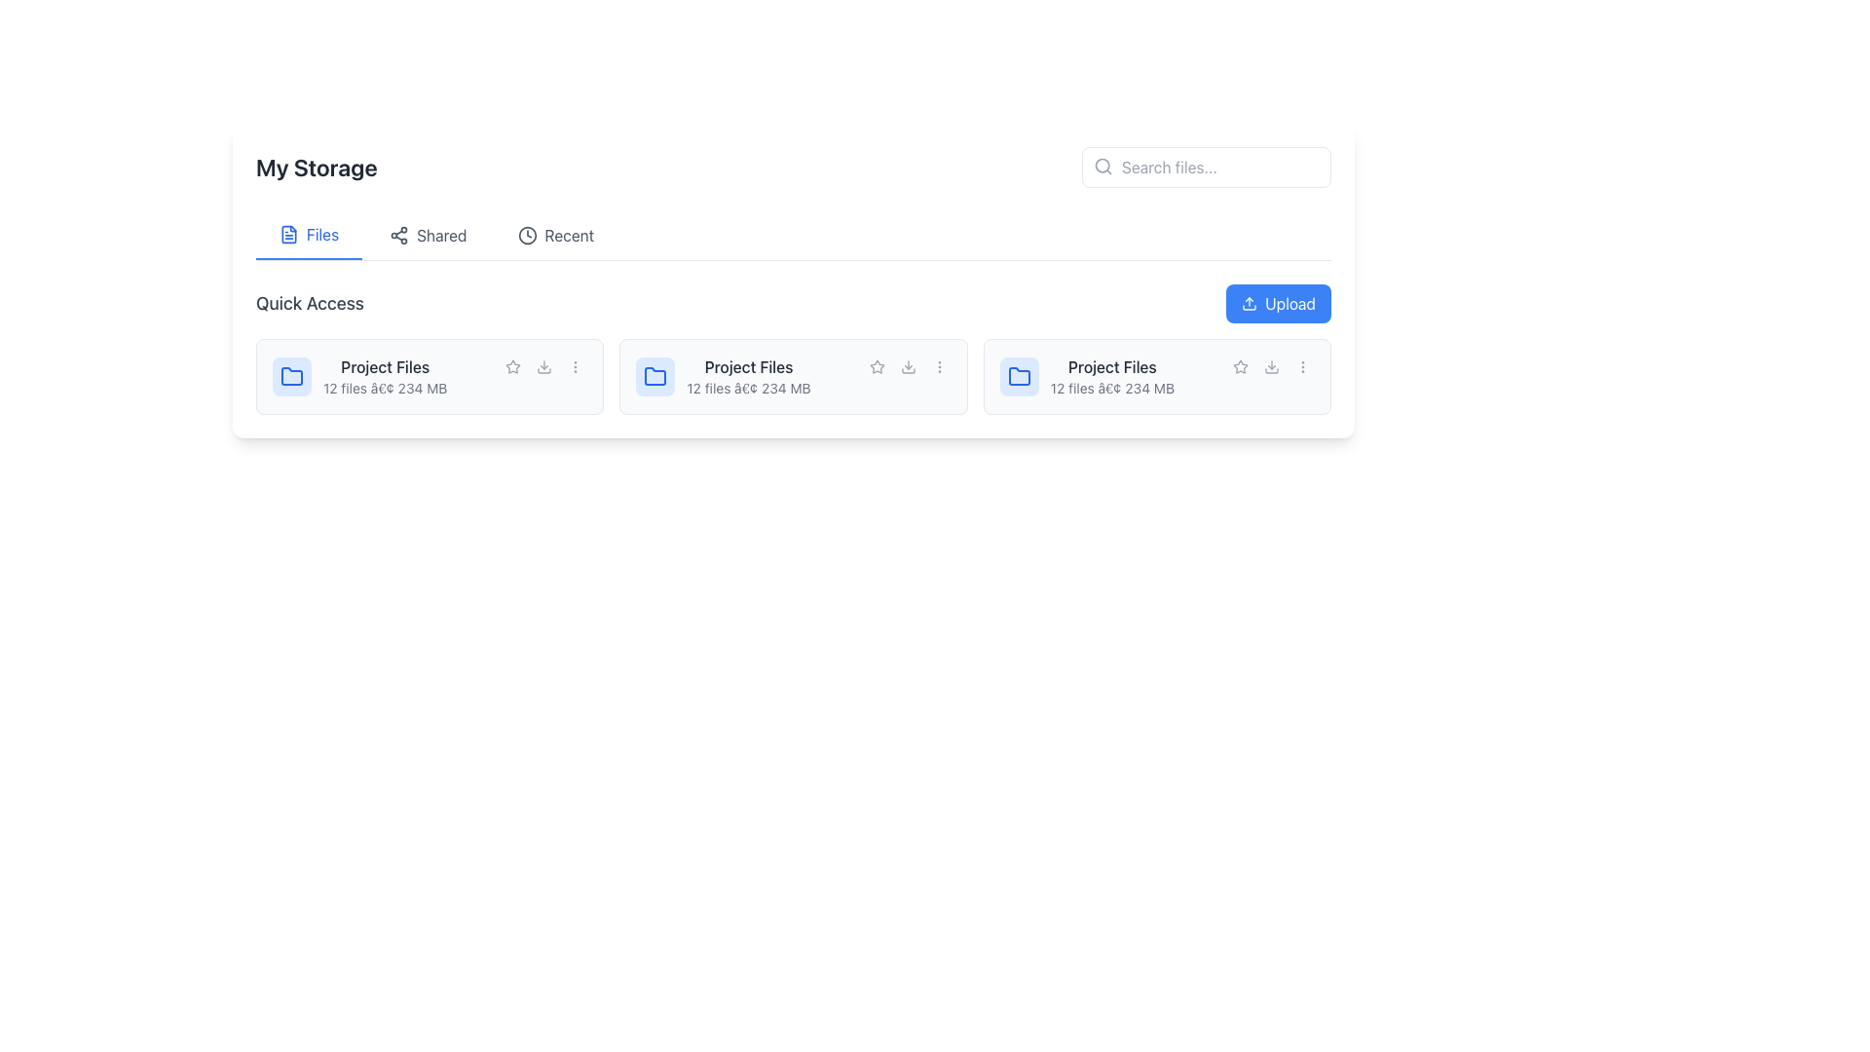 The height and width of the screenshot is (1052, 1870). What do you see at coordinates (1279, 304) in the screenshot?
I see `the file upload button located in the top-right corner of the 'Quick Access' section` at bounding box center [1279, 304].